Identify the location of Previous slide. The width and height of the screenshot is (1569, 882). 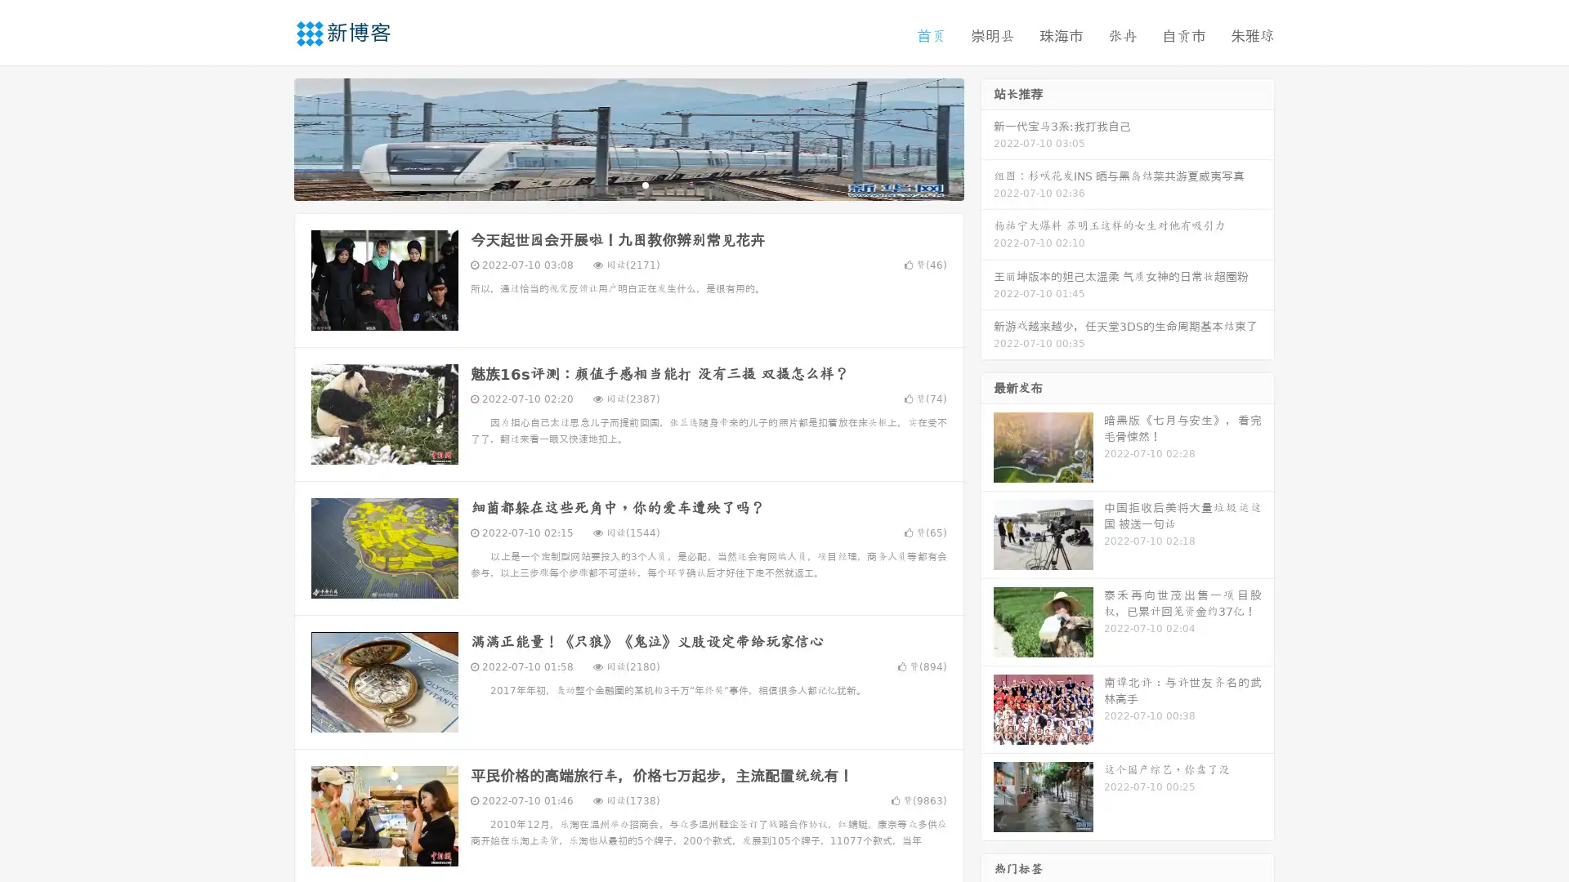
(270, 137).